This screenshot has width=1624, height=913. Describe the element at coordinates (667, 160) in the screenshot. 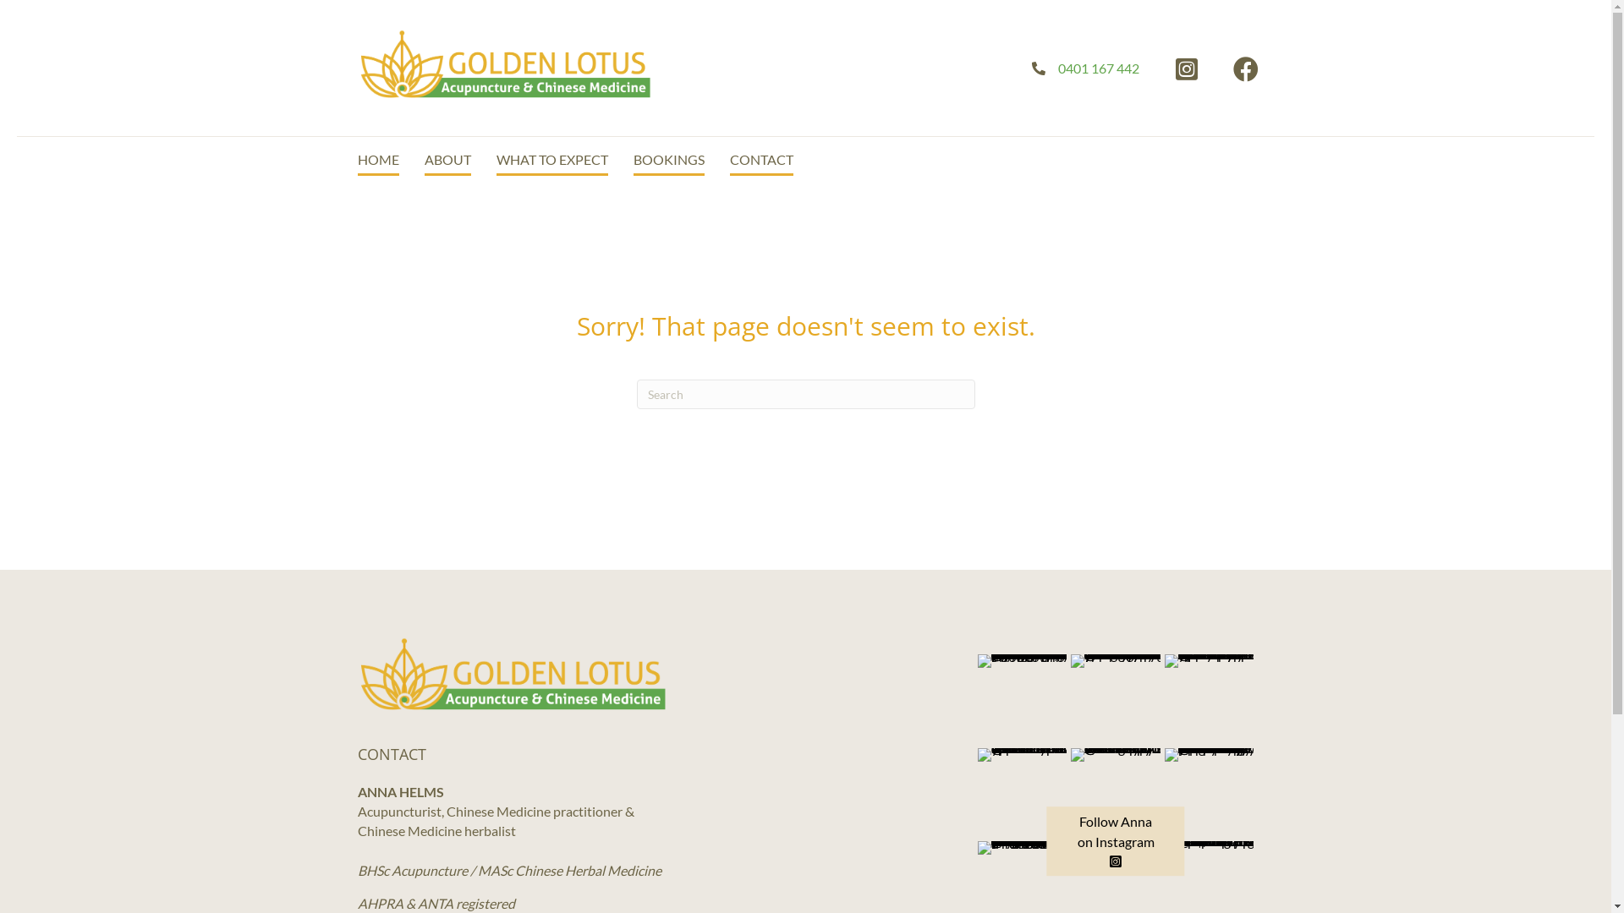

I see `'BOOKINGS'` at that location.